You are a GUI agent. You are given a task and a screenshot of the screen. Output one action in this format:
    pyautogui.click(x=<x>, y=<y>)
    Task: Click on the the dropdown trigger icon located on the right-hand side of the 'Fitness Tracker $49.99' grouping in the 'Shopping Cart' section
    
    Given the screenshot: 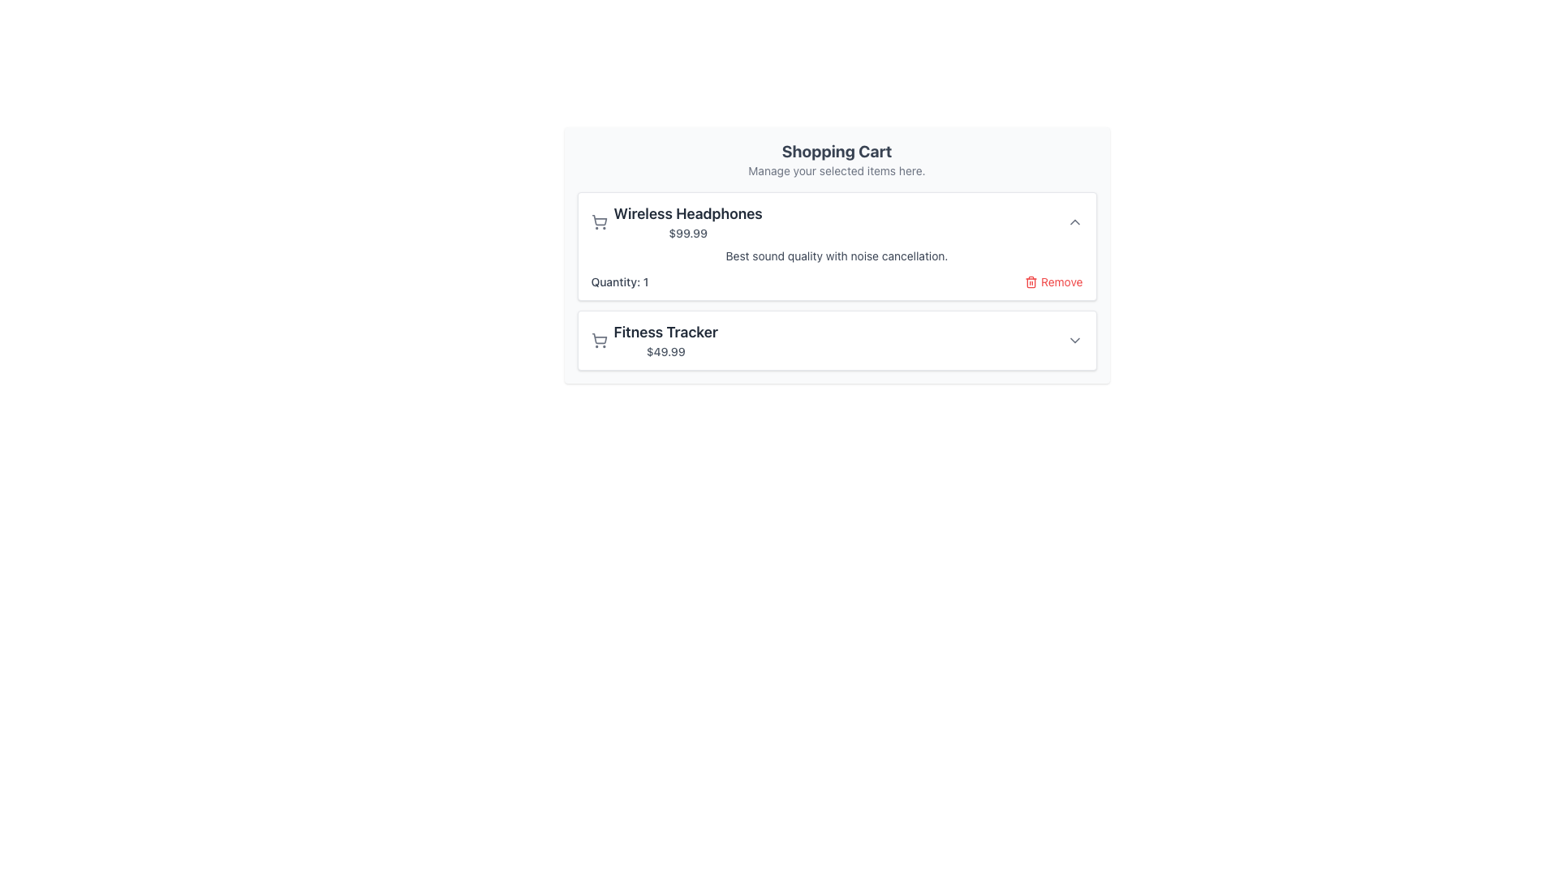 What is the action you would take?
    pyautogui.click(x=1074, y=340)
    